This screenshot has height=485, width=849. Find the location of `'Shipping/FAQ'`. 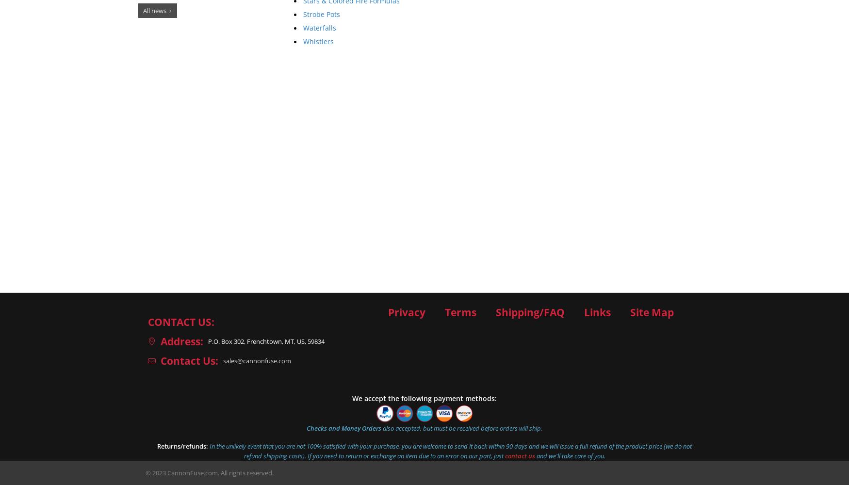

'Shipping/FAQ' is located at coordinates (495, 312).